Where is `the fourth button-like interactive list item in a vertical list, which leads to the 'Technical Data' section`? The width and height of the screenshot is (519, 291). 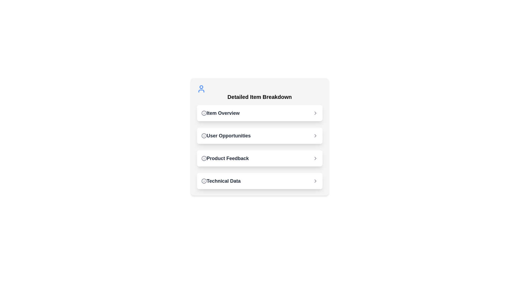
the fourth button-like interactive list item in a vertical list, which leads to the 'Technical Data' section is located at coordinates (259, 181).